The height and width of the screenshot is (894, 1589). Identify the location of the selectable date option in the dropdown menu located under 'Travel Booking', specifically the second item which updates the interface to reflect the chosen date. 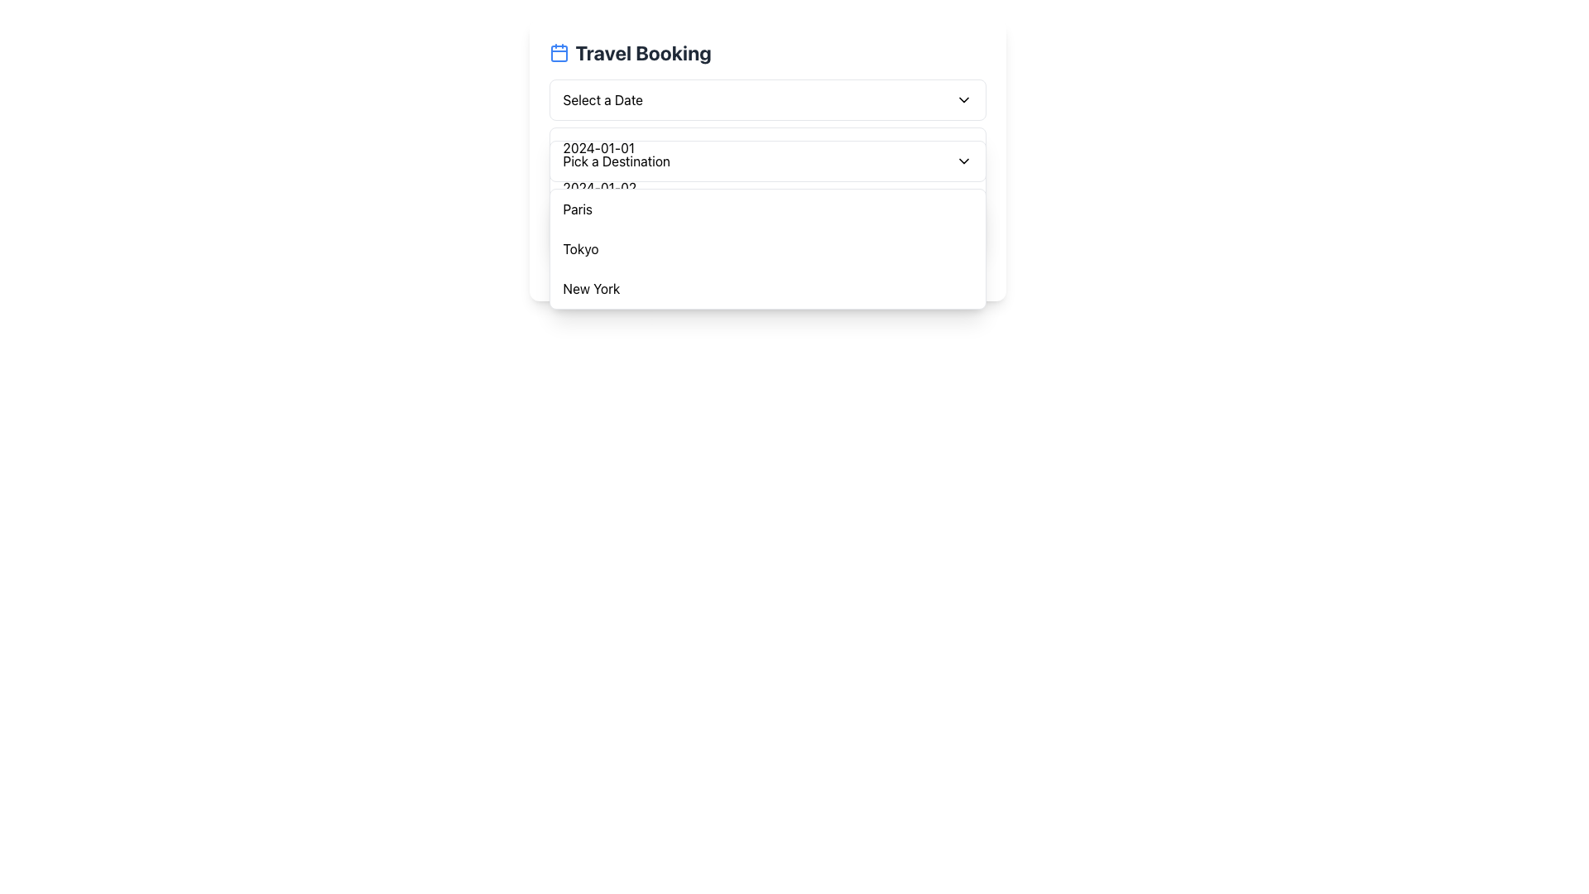
(766, 187).